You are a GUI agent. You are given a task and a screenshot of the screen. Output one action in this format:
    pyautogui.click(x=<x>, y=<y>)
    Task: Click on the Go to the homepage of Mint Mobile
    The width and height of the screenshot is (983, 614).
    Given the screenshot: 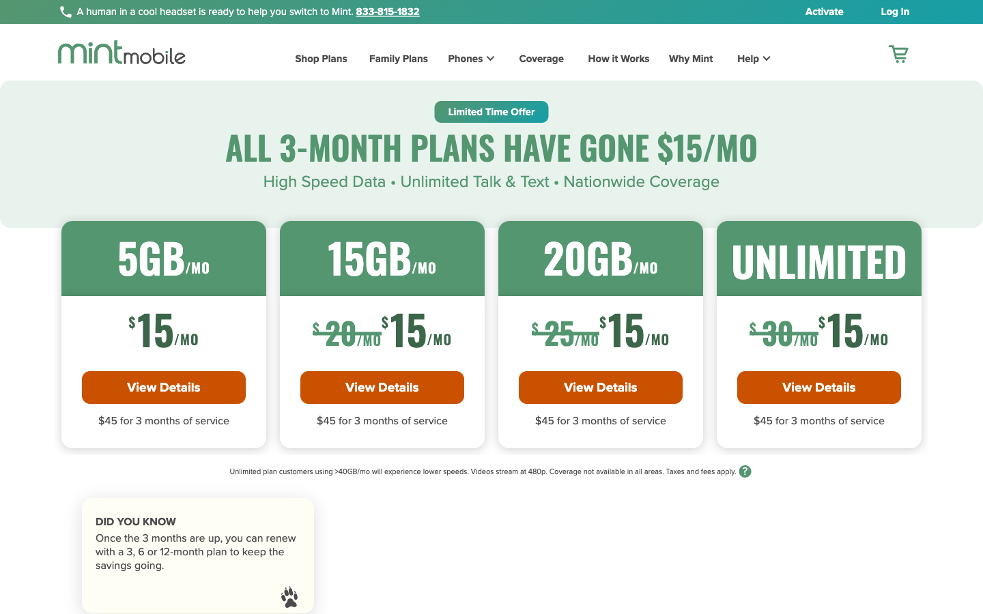 What is the action you would take?
    pyautogui.click(x=121, y=51)
    